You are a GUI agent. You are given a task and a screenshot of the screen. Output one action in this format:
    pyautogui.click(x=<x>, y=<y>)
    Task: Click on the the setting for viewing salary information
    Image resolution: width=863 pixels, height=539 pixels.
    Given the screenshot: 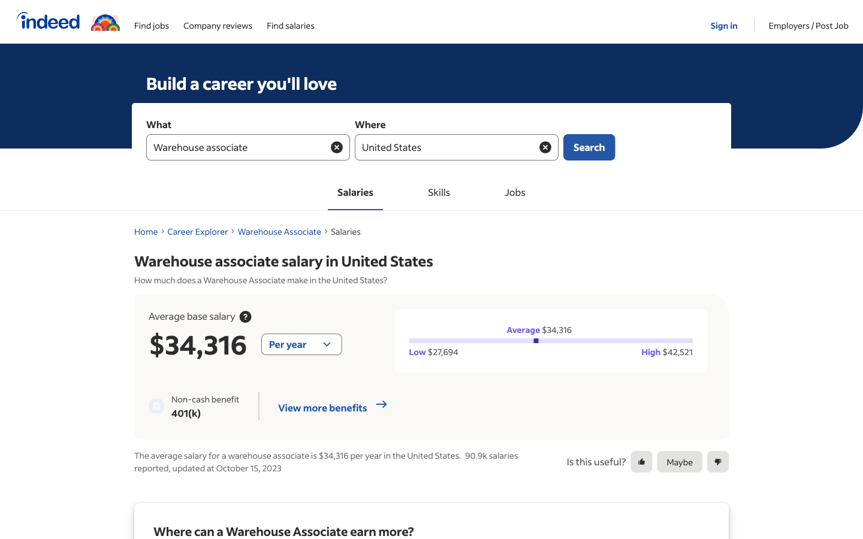 What is the action you would take?
    pyautogui.click(x=300, y=344)
    